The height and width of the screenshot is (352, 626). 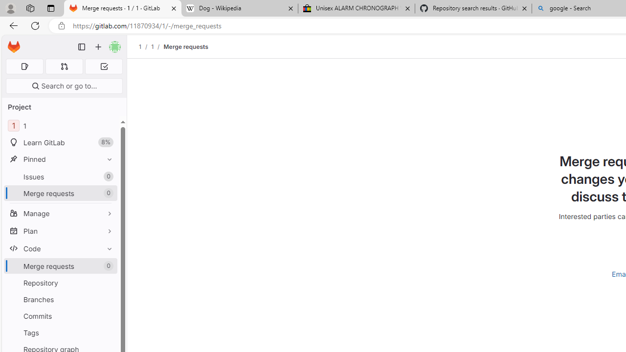 What do you see at coordinates (60, 332) in the screenshot?
I see `'Tags'` at bounding box center [60, 332].